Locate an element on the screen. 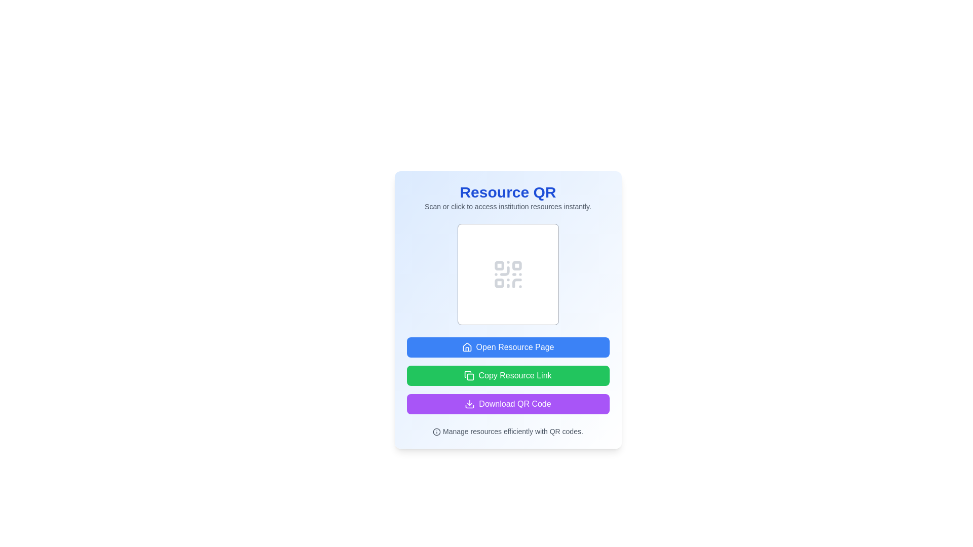  the blue button labeled 'Open Resource Page' which contains a house SVG icon on its left side is located at coordinates (466, 347).